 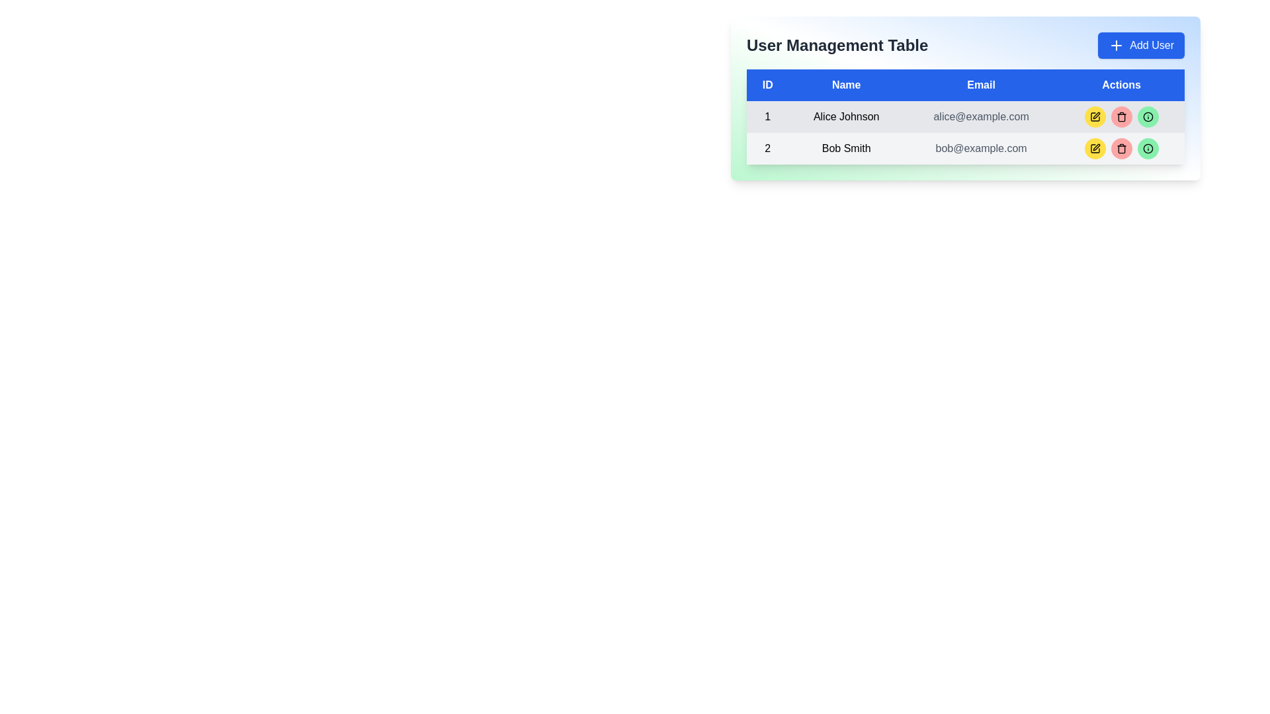 I want to click on the delete button located in the 'Actions' column of the second row for user 'Bob Smith', so click(x=1121, y=148).